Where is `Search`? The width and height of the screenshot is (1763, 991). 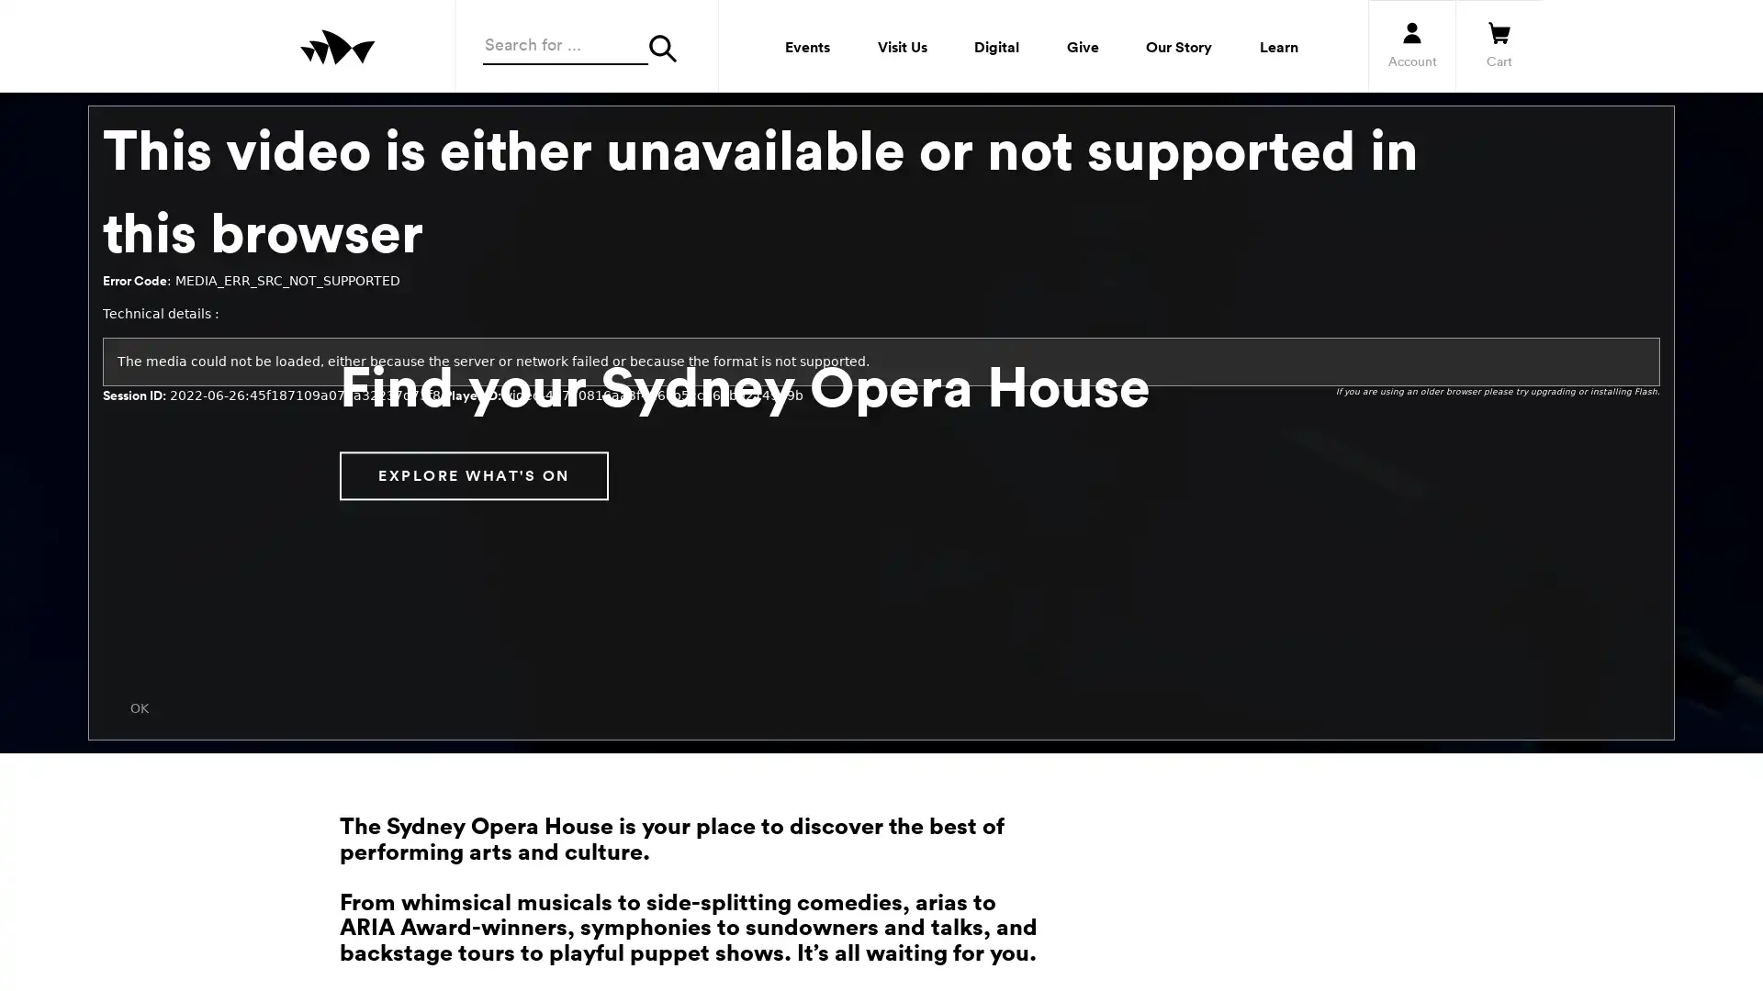
Search is located at coordinates (668, 48).